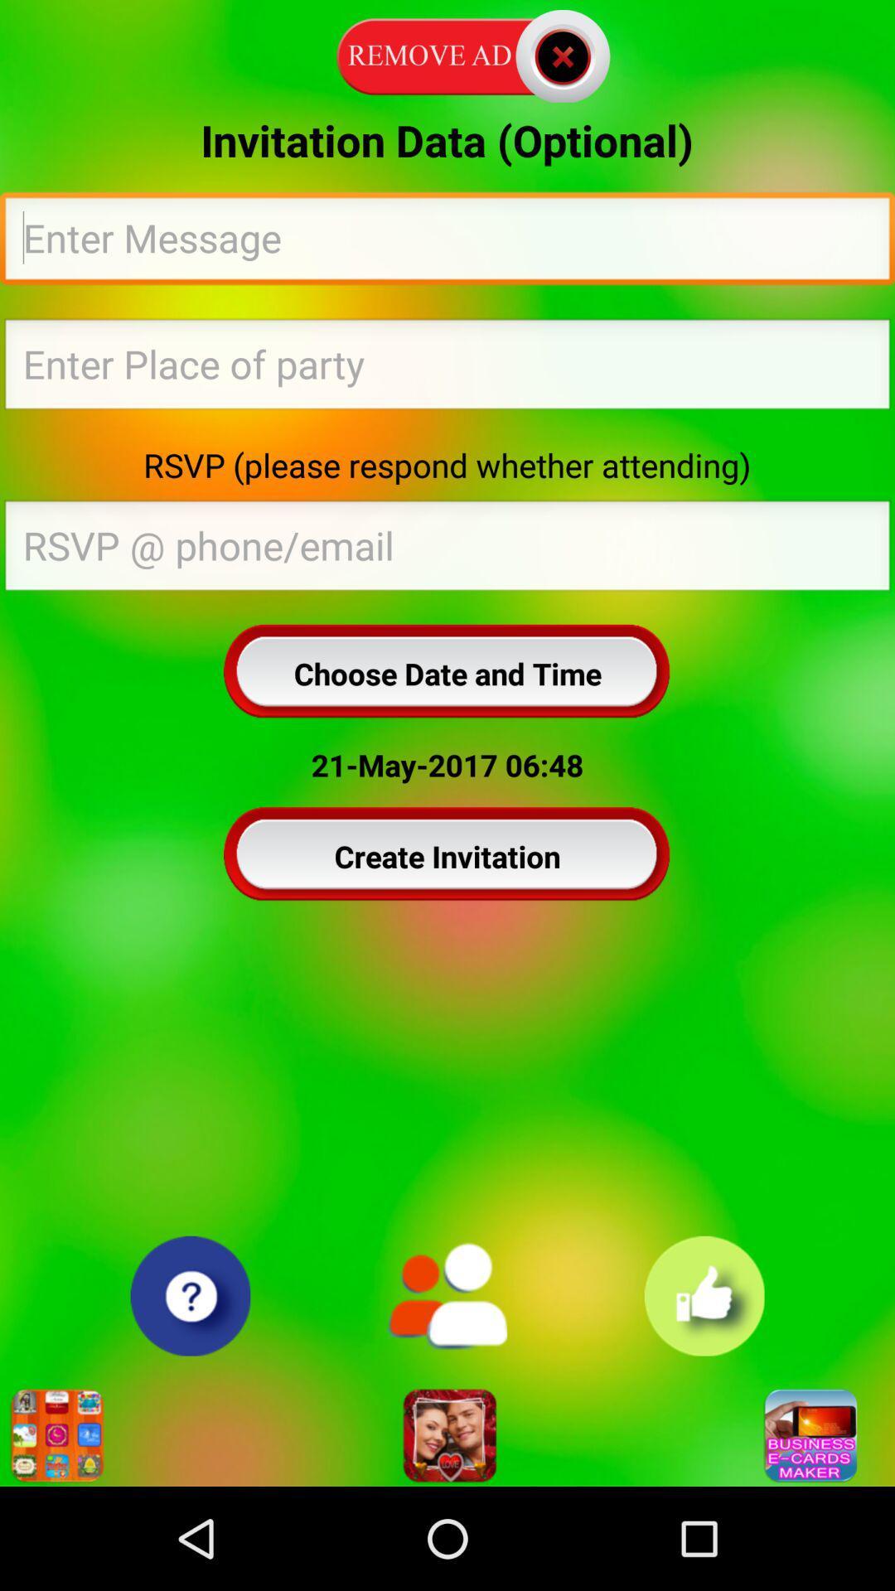  I want to click on the avatar icon, so click(447, 1532).